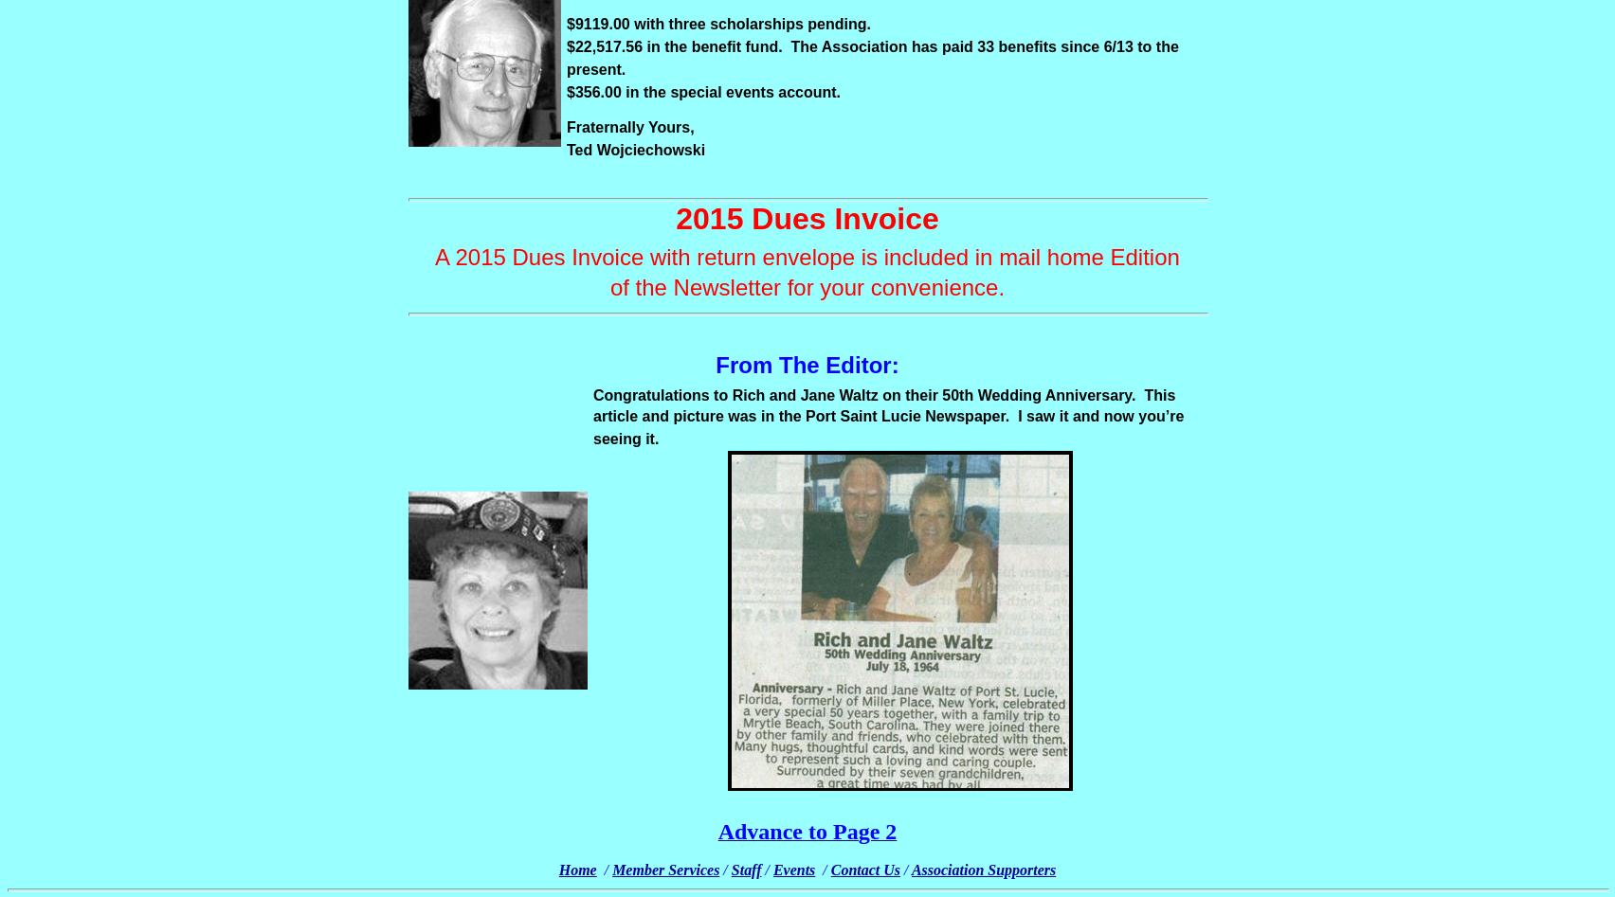 The height and width of the screenshot is (897, 1615). What do you see at coordinates (806, 830) in the screenshot?
I see `'Advance to Page 2'` at bounding box center [806, 830].